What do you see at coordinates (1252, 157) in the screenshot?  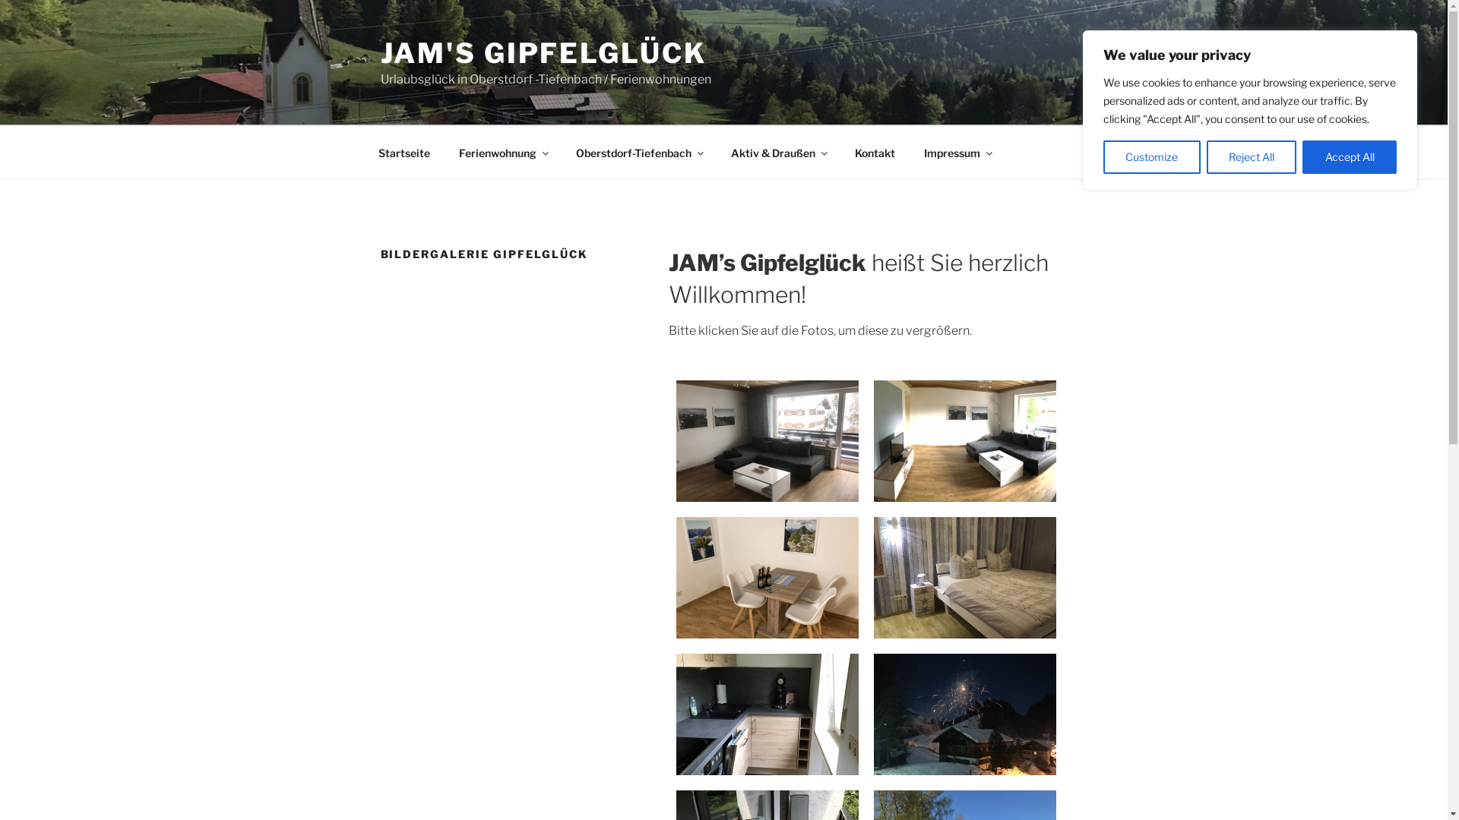 I see `'Reject All'` at bounding box center [1252, 157].